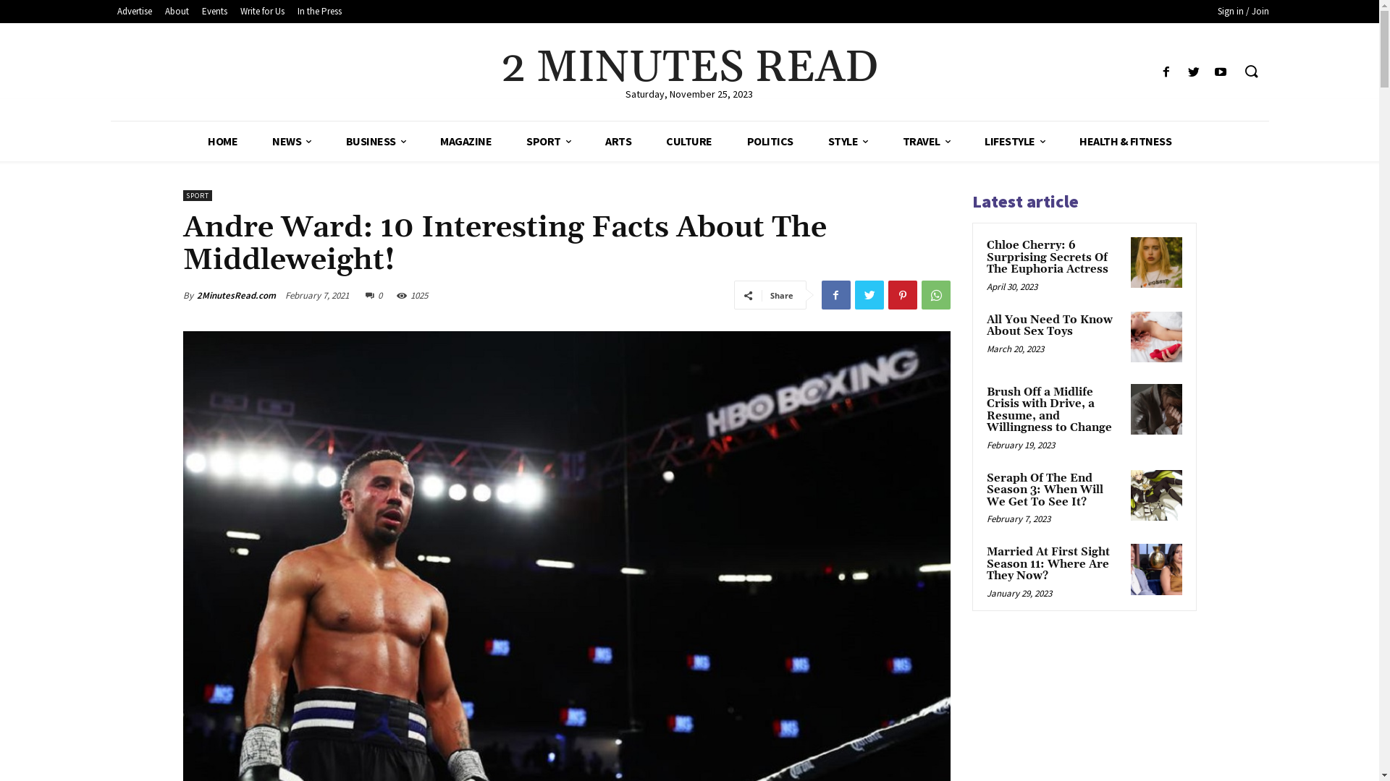  What do you see at coordinates (1155, 495) in the screenshot?
I see `'Seraph Of The End Season 3: When Will We Get To See It?'` at bounding box center [1155, 495].